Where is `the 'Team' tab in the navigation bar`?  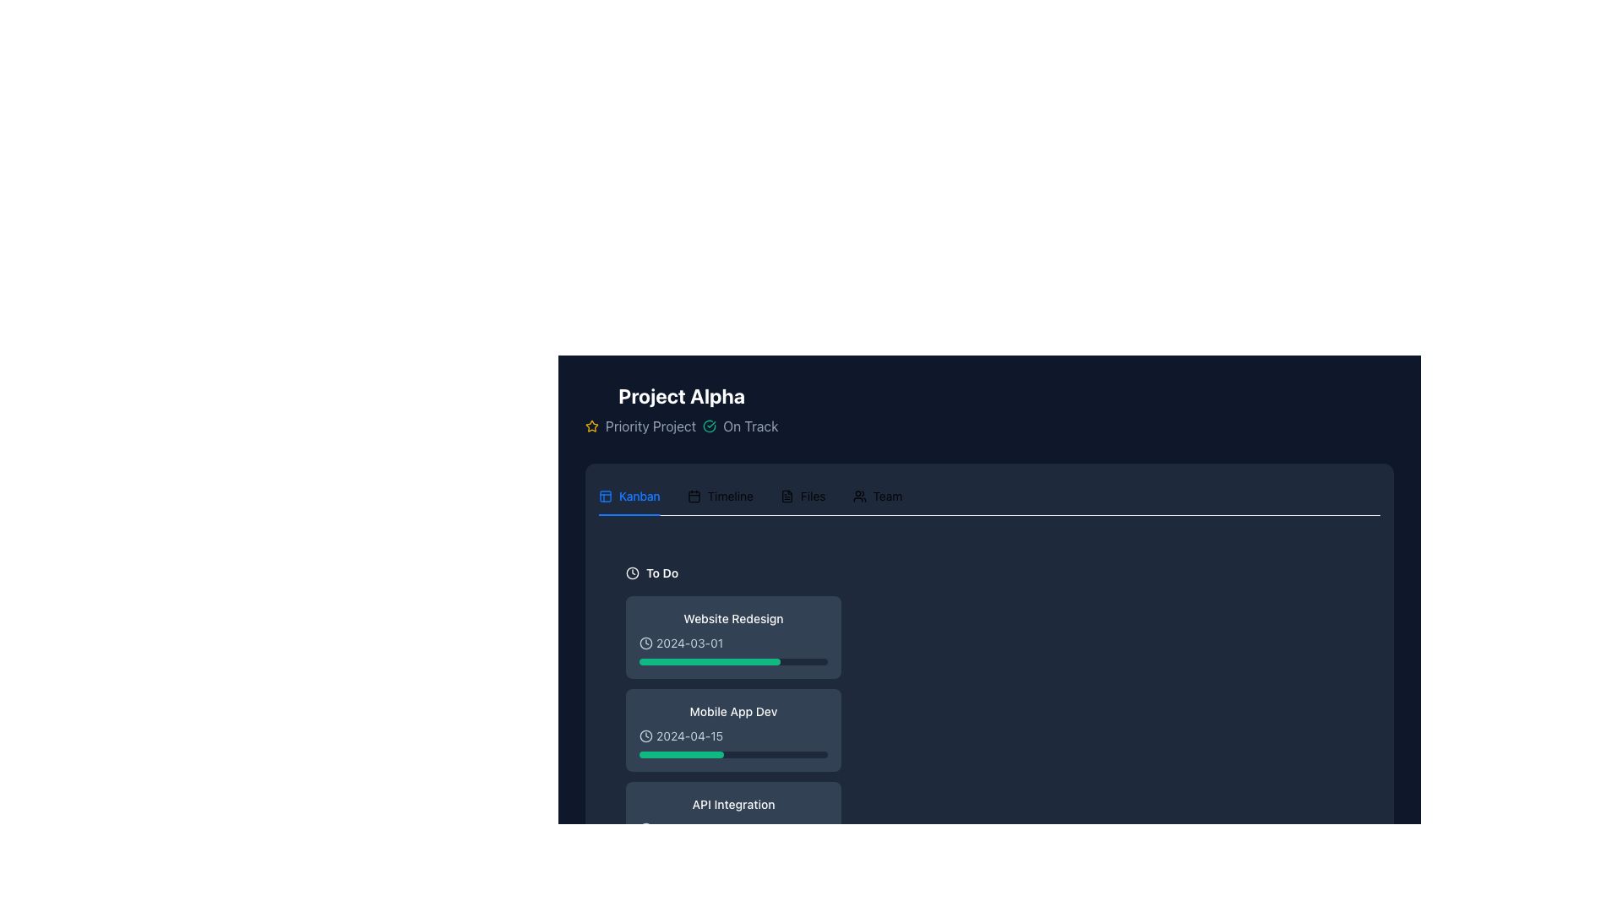 the 'Team' tab in the navigation bar is located at coordinates (877, 495).